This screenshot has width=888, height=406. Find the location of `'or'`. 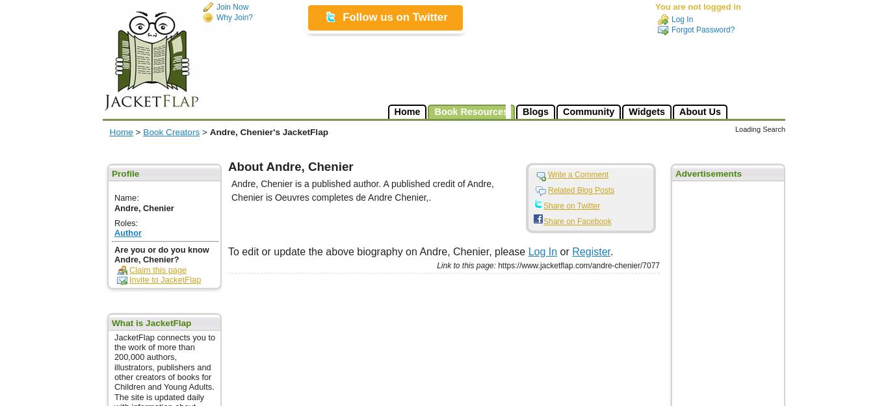

'or' is located at coordinates (564, 251).